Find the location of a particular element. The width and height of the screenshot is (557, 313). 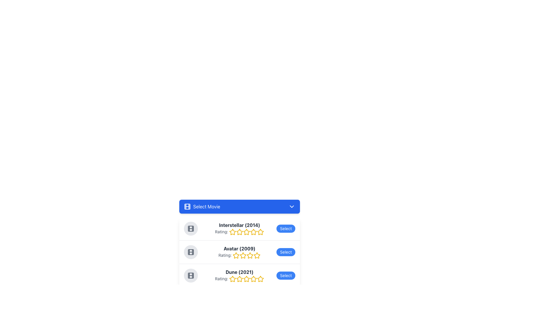

the fourth star icon in the rating system next to 'Avatar (2009) Rating' to rate it is located at coordinates (257, 255).